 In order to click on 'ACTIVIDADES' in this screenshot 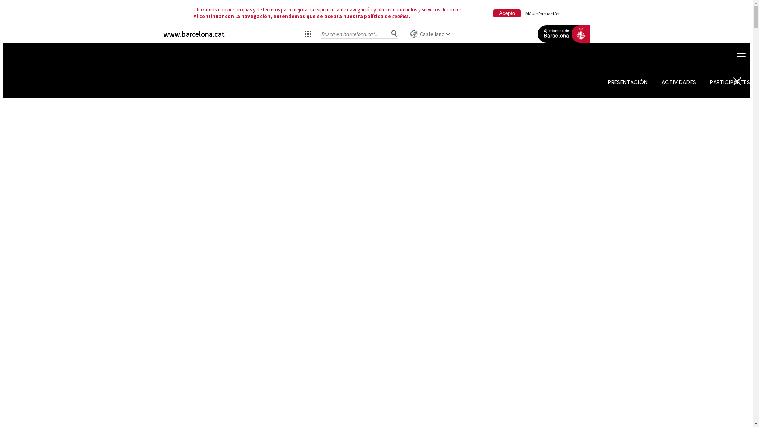, I will do `click(678, 82)`.